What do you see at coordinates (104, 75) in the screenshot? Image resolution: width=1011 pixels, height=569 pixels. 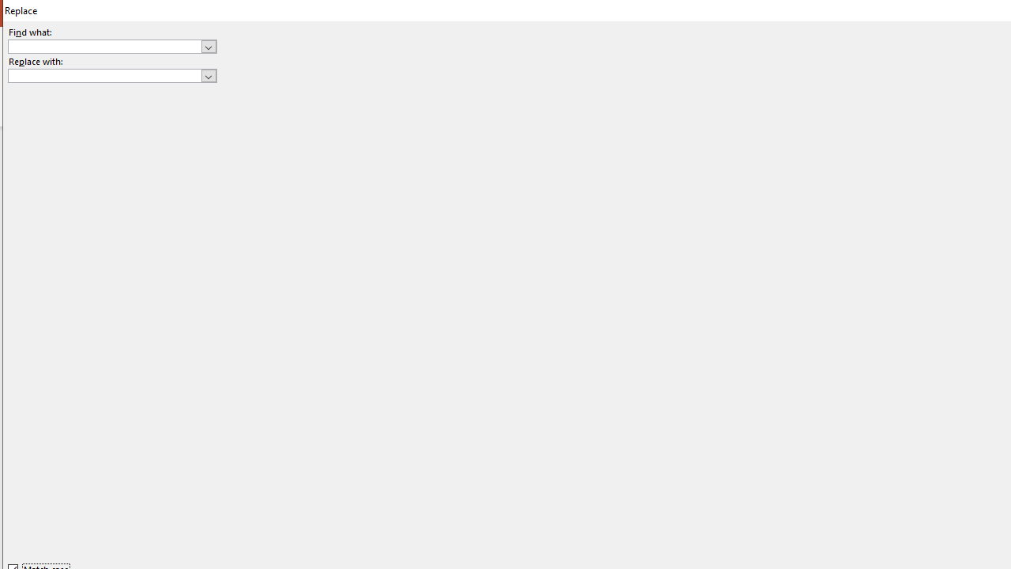 I see `'Replace with'` at bounding box center [104, 75].